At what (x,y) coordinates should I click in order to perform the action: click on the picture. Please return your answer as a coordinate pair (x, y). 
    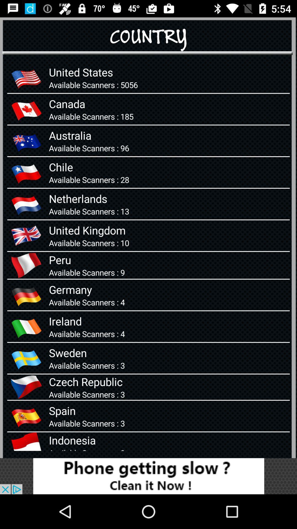
    Looking at the image, I should click on (148, 476).